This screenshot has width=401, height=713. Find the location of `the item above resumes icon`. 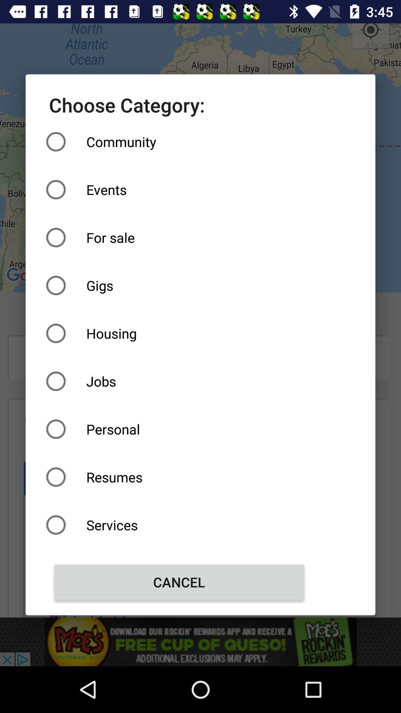

the item above resumes icon is located at coordinates (179, 429).